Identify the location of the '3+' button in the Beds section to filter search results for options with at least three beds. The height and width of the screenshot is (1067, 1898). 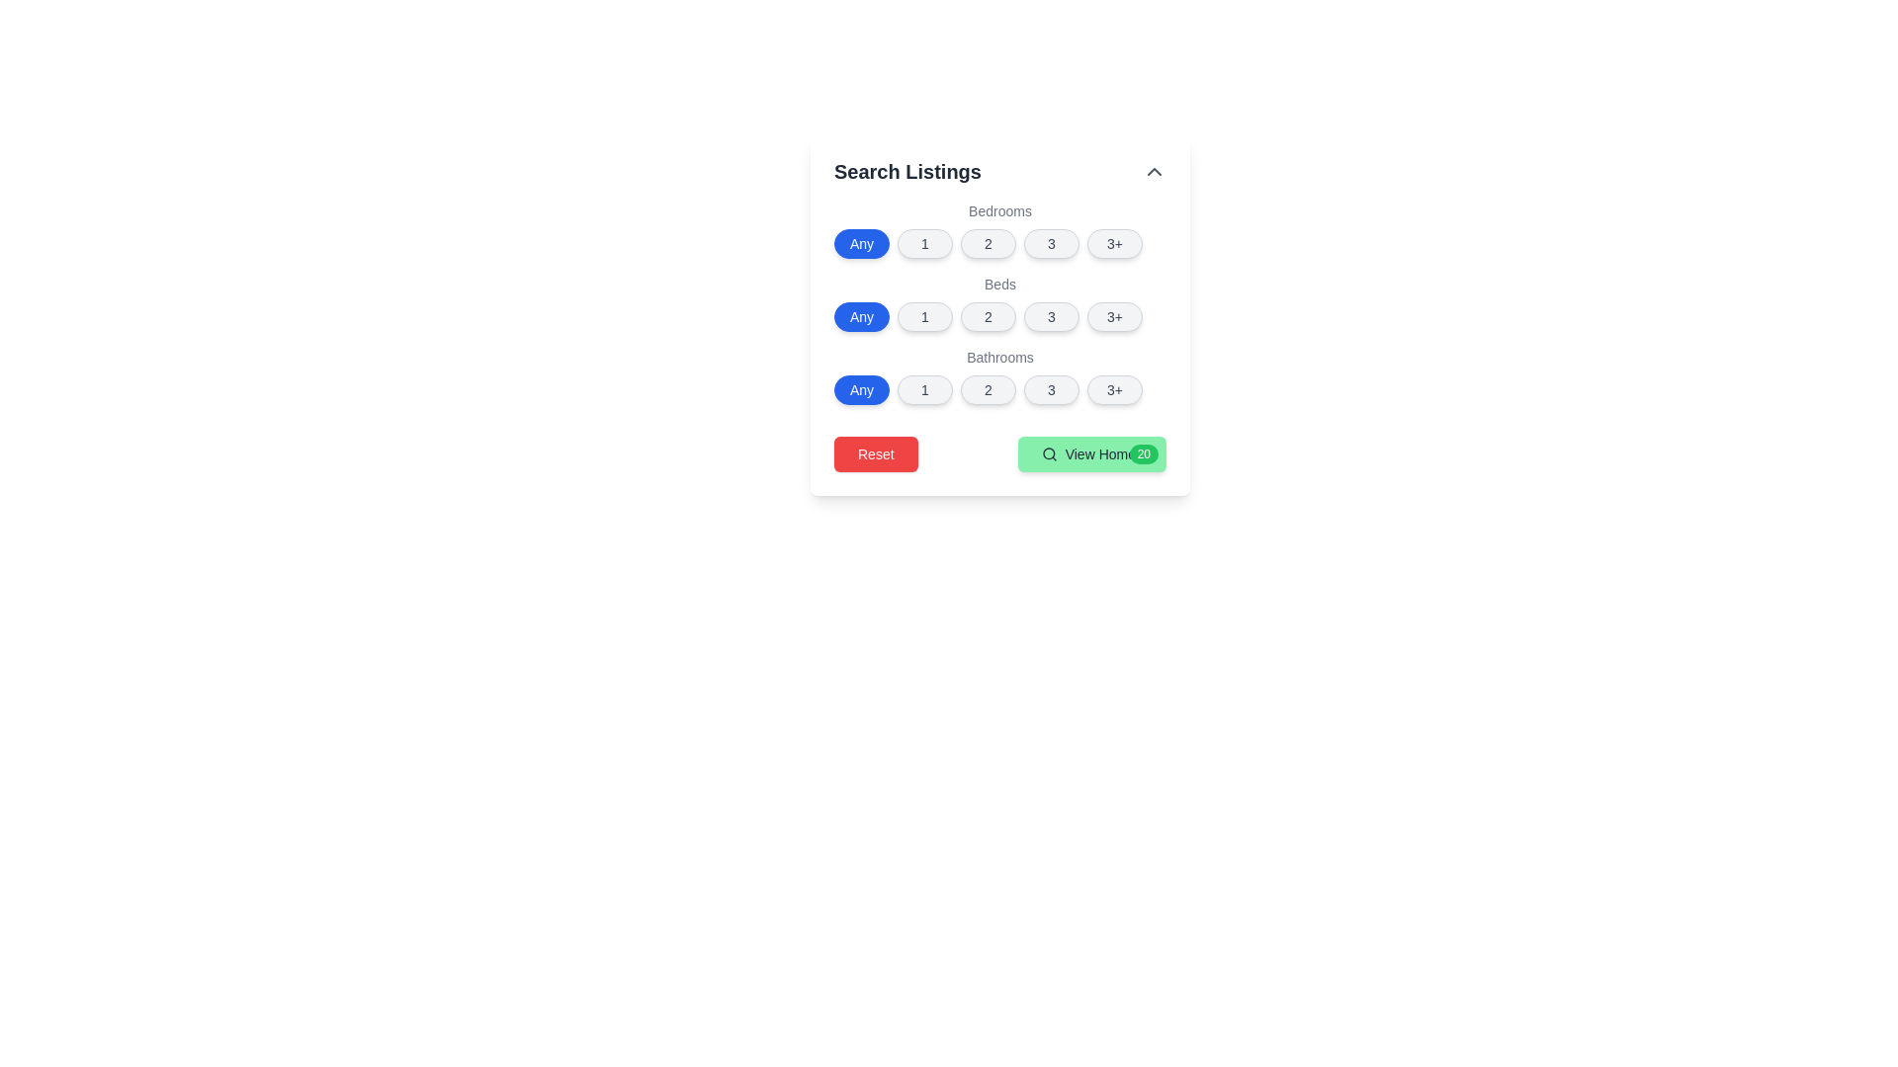
(1115, 315).